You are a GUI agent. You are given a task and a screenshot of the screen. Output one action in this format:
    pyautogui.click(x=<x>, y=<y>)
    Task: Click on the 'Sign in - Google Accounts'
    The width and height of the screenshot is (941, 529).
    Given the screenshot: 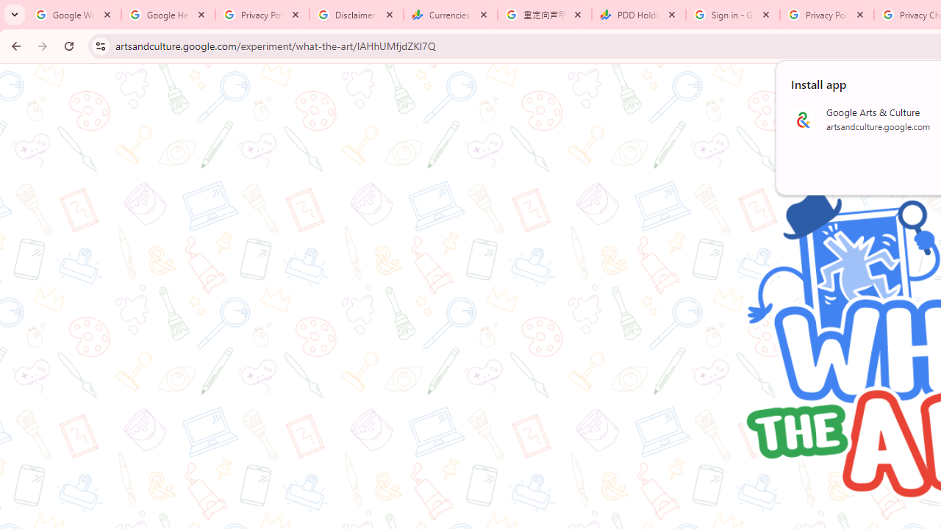 What is the action you would take?
    pyautogui.click(x=733, y=15)
    